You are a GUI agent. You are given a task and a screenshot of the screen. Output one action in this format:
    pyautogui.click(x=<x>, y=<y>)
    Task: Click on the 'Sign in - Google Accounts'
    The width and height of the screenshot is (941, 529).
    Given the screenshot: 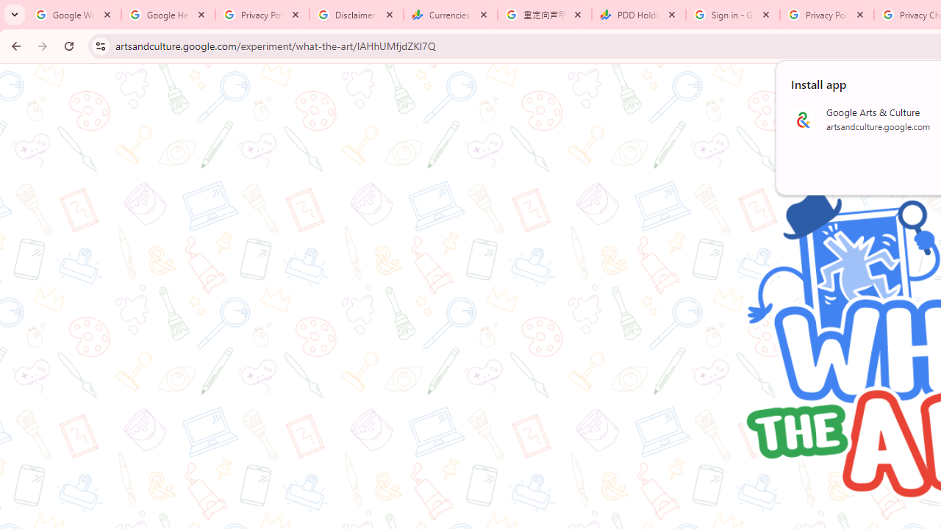 What is the action you would take?
    pyautogui.click(x=733, y=15)
    